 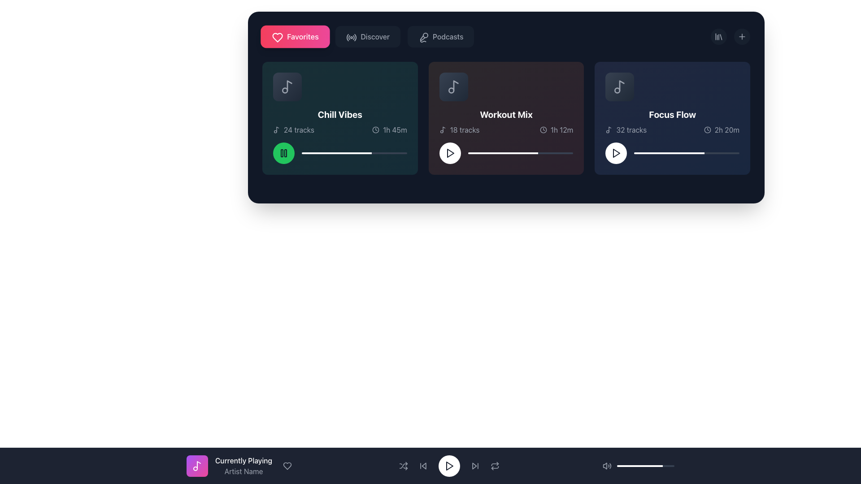 What do you see at coordinates (395, 130) in the screenshot?
I see `the Text label that informs users of the duration of the 'Chill Vibes' playlist, located to the right of the clock icon within the 'Chill Vibes' playlist card` at bounding box center [395, 130].